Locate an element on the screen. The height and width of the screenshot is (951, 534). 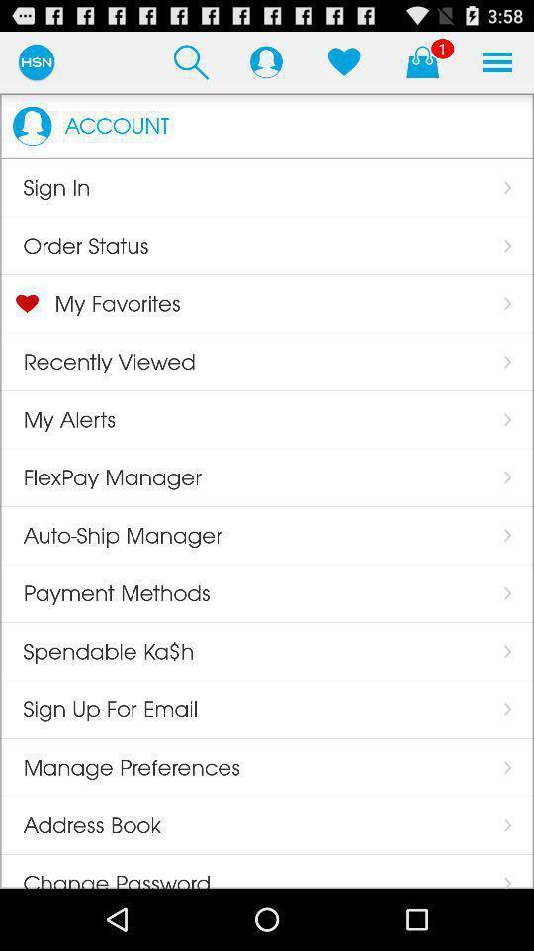
item next to the account app is located at coordinates (31, 125).